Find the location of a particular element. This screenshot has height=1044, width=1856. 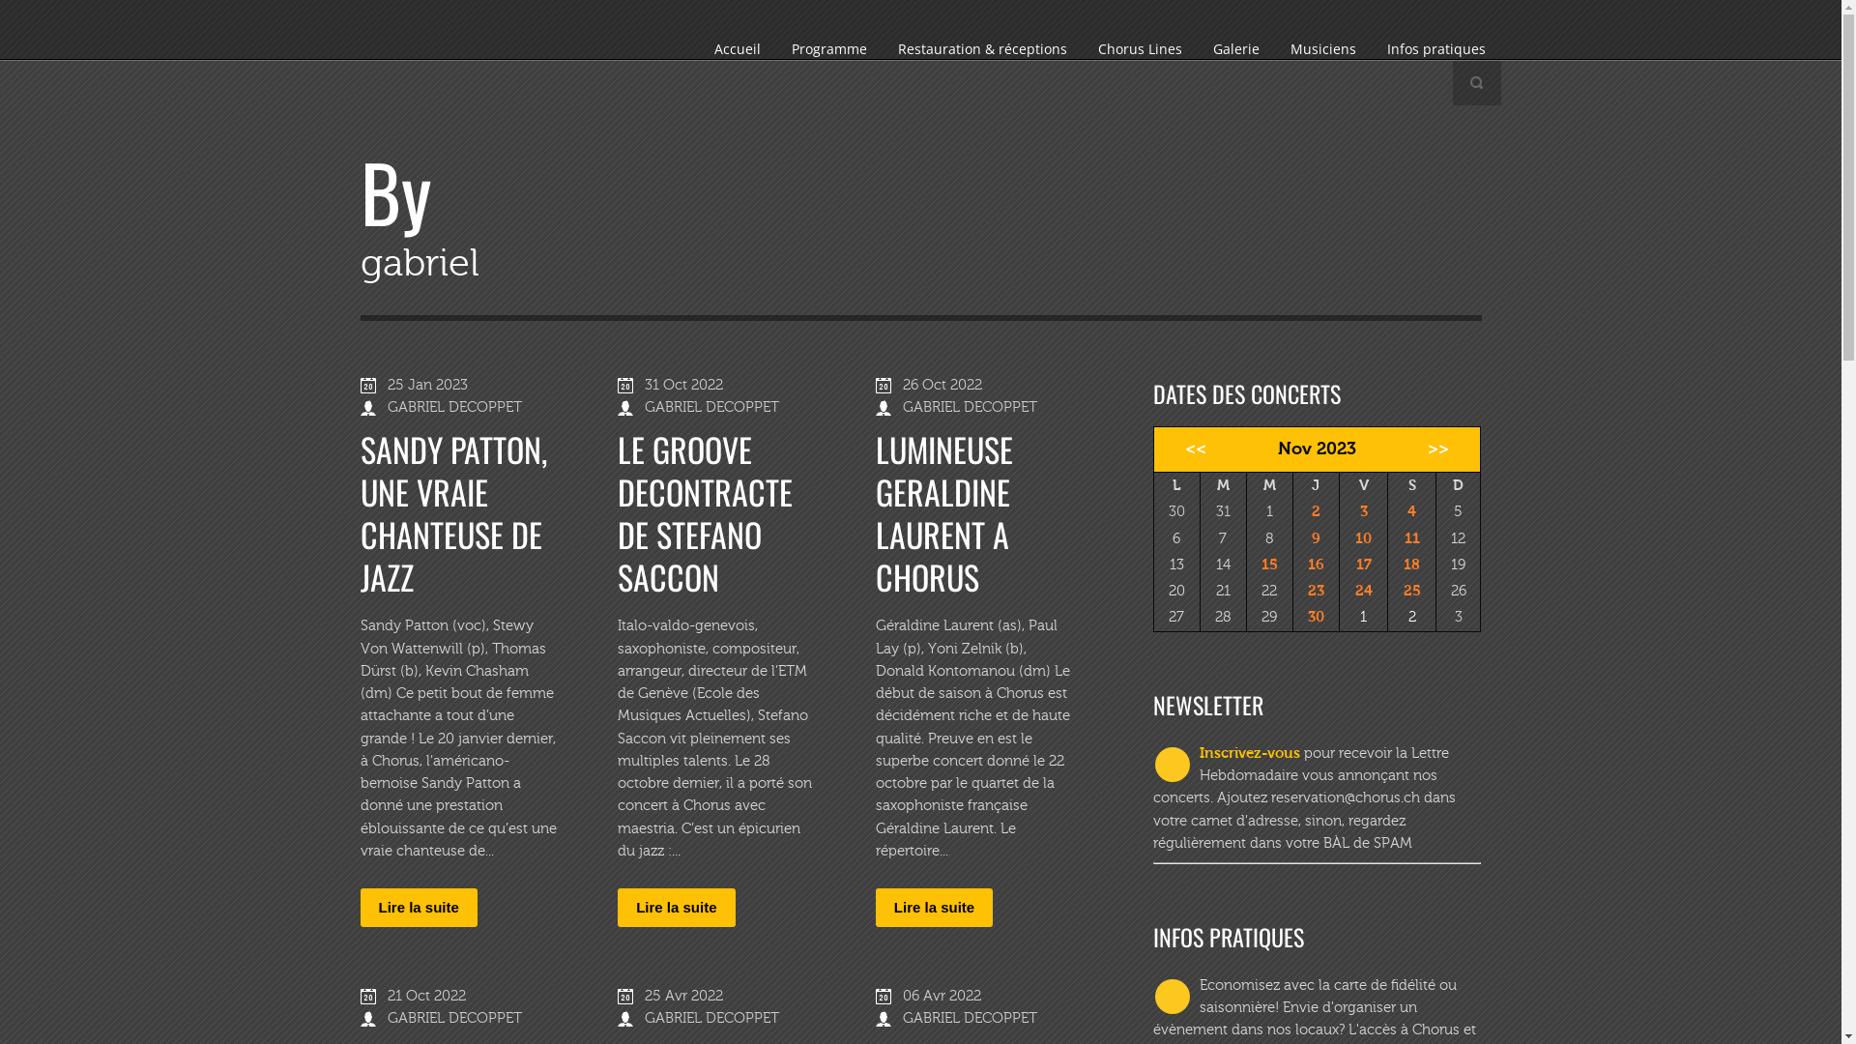

'Programme' is located at coordinates (828, 47).